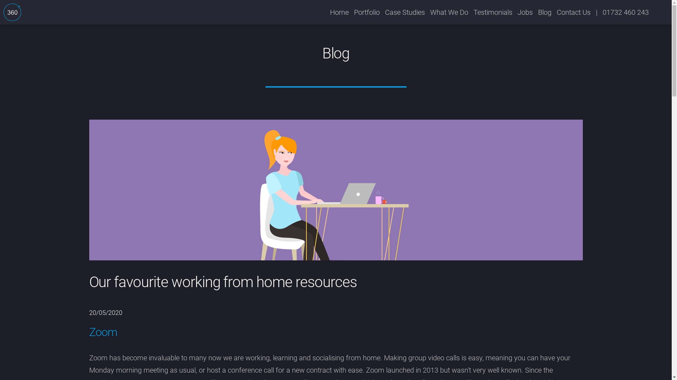 This screenshot has height=380, width=677. Describe the element at coordinates (525, 12) in the screenshot. I see `'Jobs'` at that location.